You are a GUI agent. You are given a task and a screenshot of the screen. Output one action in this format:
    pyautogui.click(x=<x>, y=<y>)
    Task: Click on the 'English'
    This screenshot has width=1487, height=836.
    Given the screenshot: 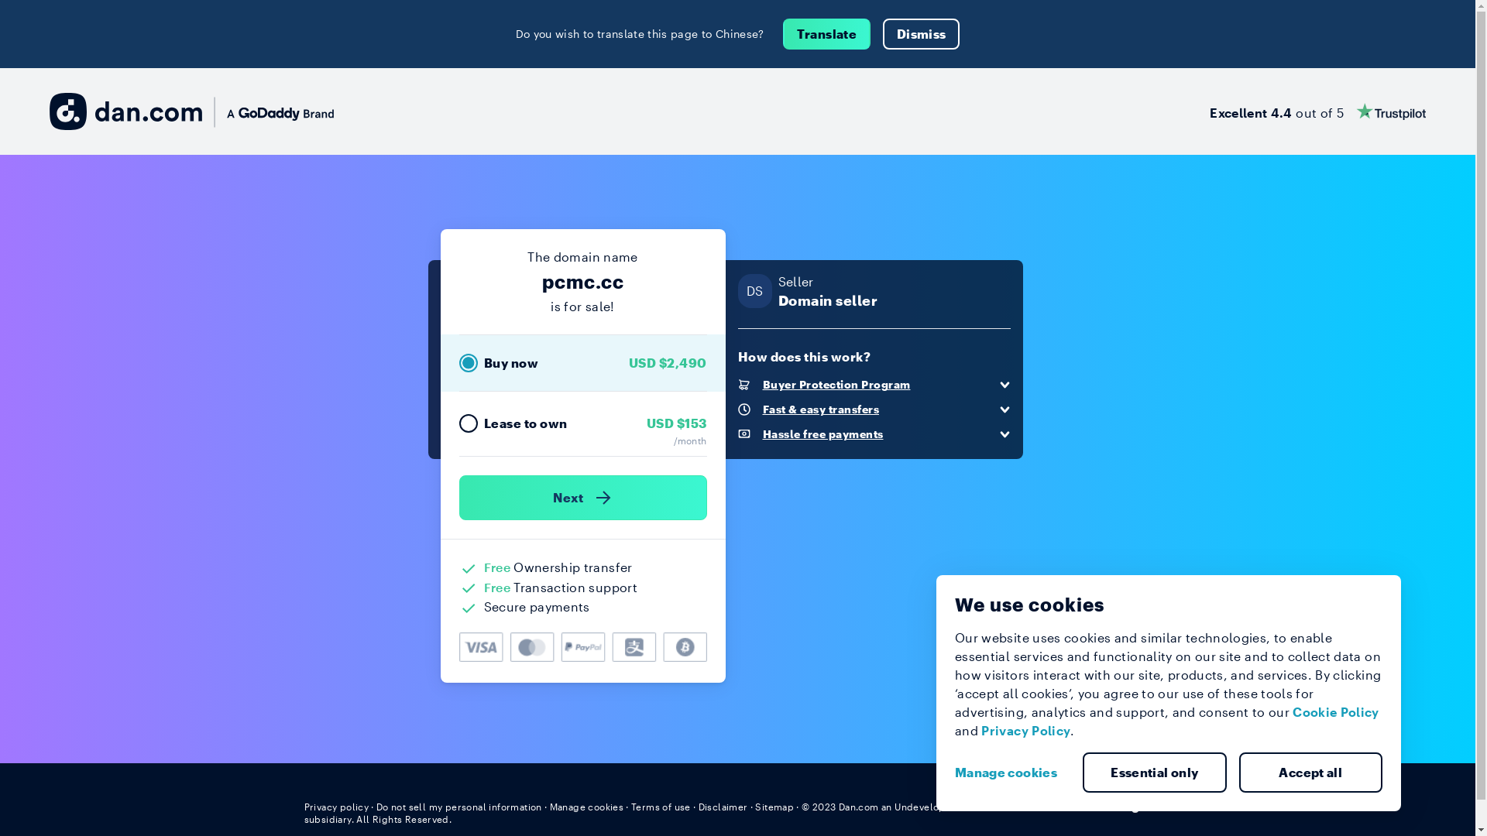 What is the action you would take?
    pyautogui.click(x=1143, y=805)
    